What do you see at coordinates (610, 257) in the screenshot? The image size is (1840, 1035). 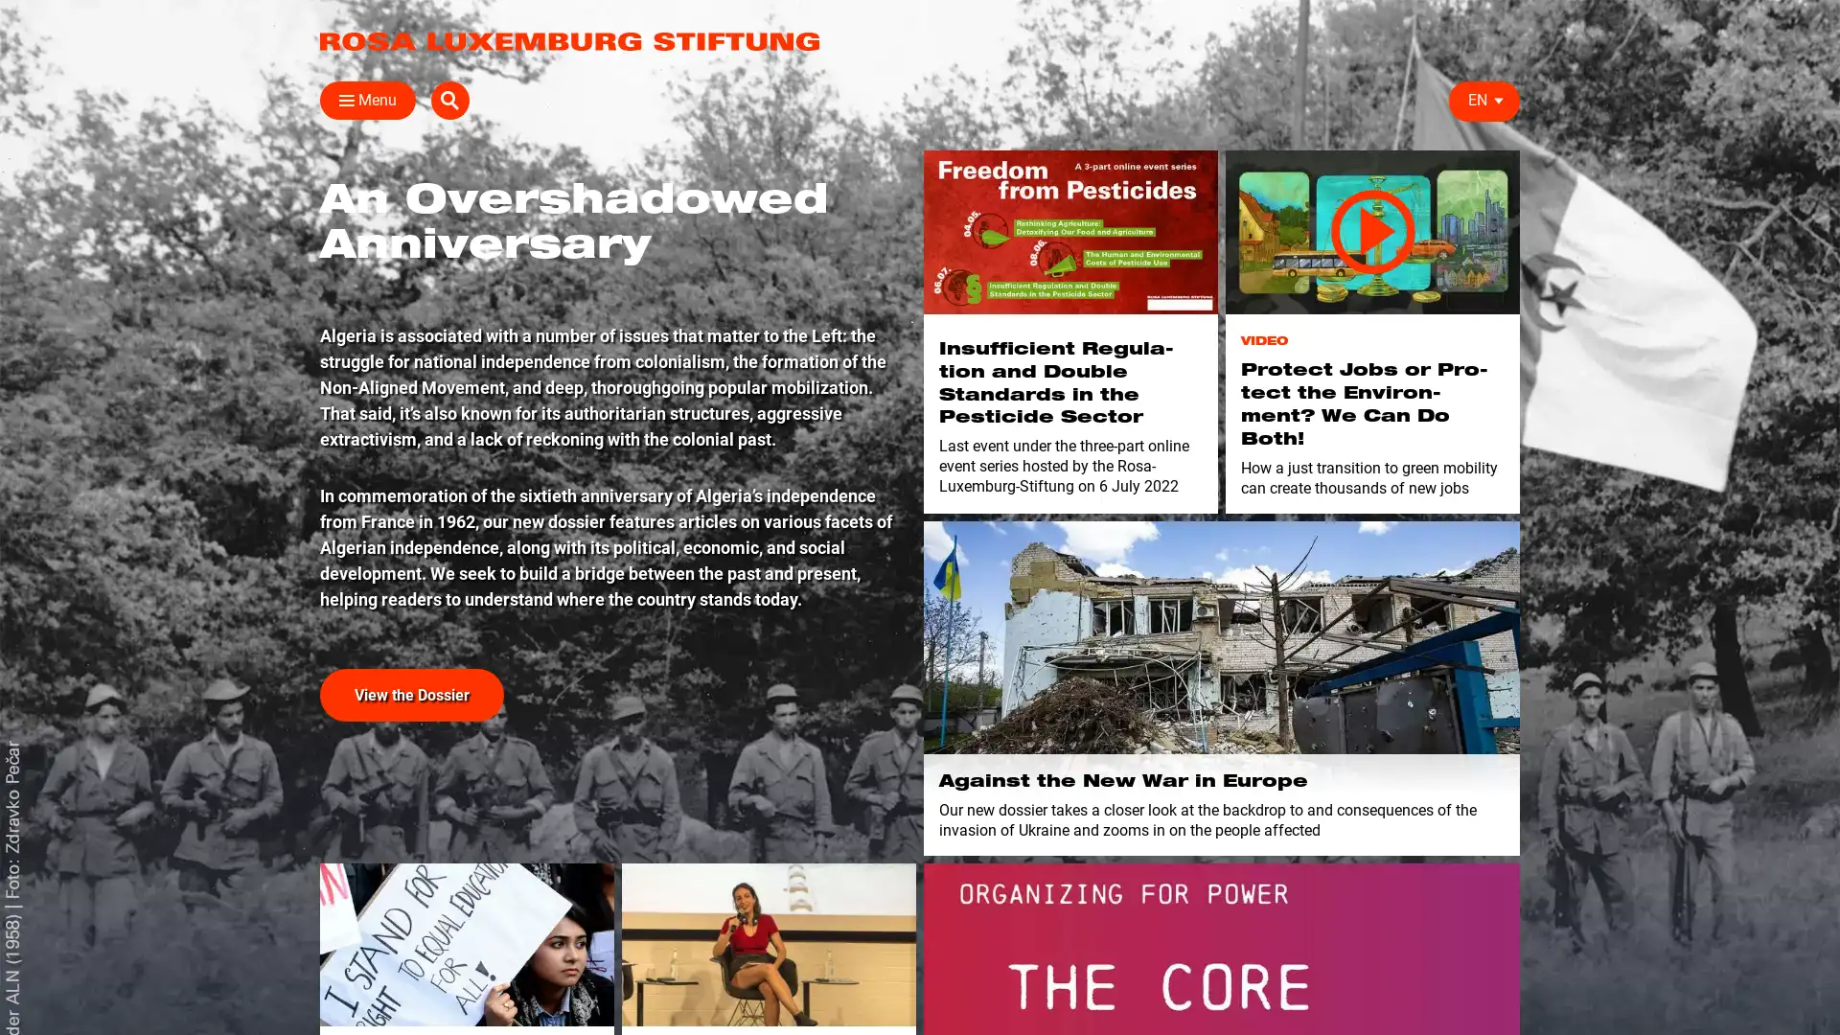 I see `Show more / less` at bounding box center [610, 257].